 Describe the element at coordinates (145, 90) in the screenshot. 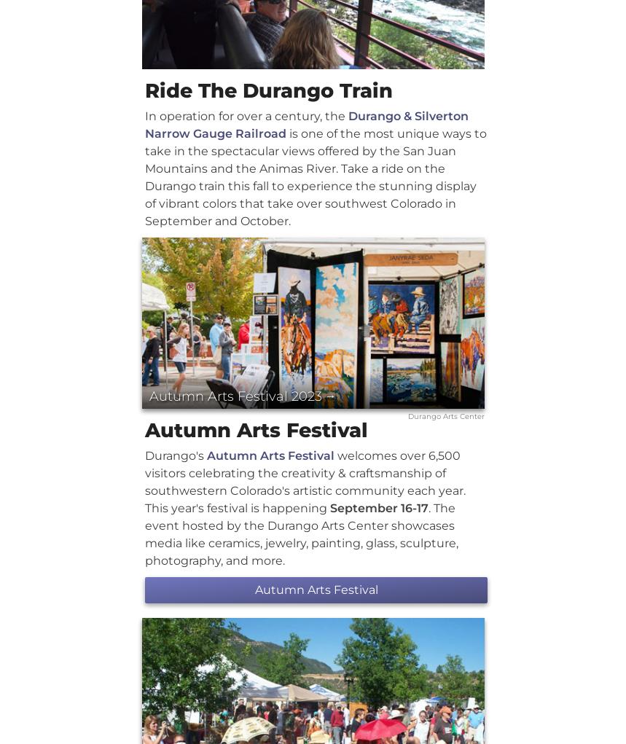

I see `'Ride The Durango Train'` at that location.